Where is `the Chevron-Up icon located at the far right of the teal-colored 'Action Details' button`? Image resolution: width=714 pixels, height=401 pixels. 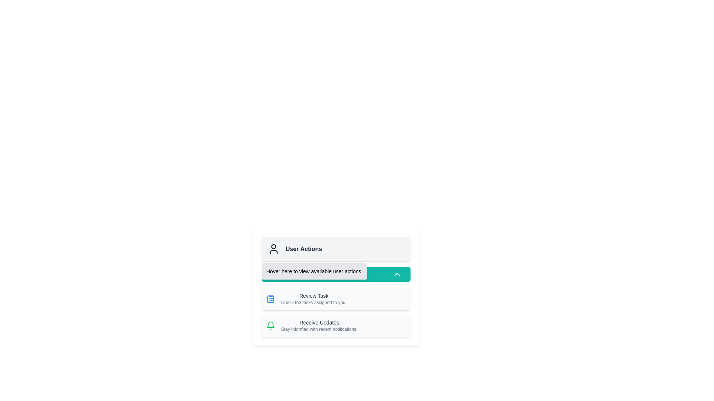 the Chevron-Up icon located at the far right of the teal-colored 'Action Details' button is located at coordinates (397, 274).